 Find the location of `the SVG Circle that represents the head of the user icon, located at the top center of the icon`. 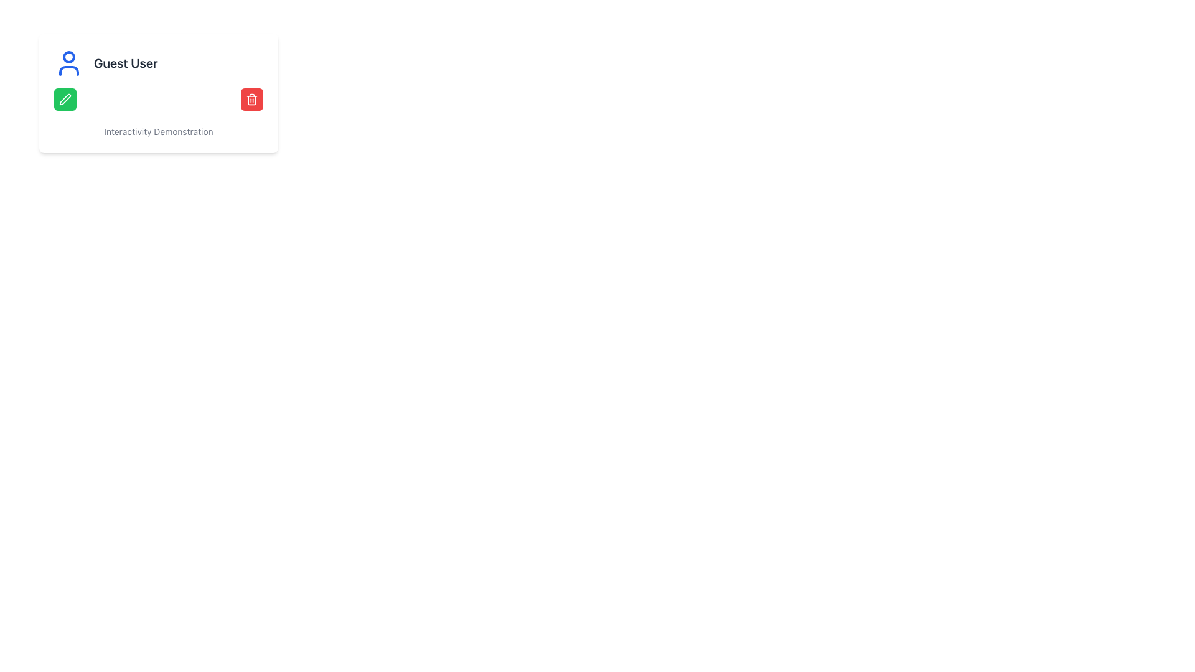

the SVG Circle that represents the head of the user icon, located at the top center of the icon is located at coordinates (68, 57).